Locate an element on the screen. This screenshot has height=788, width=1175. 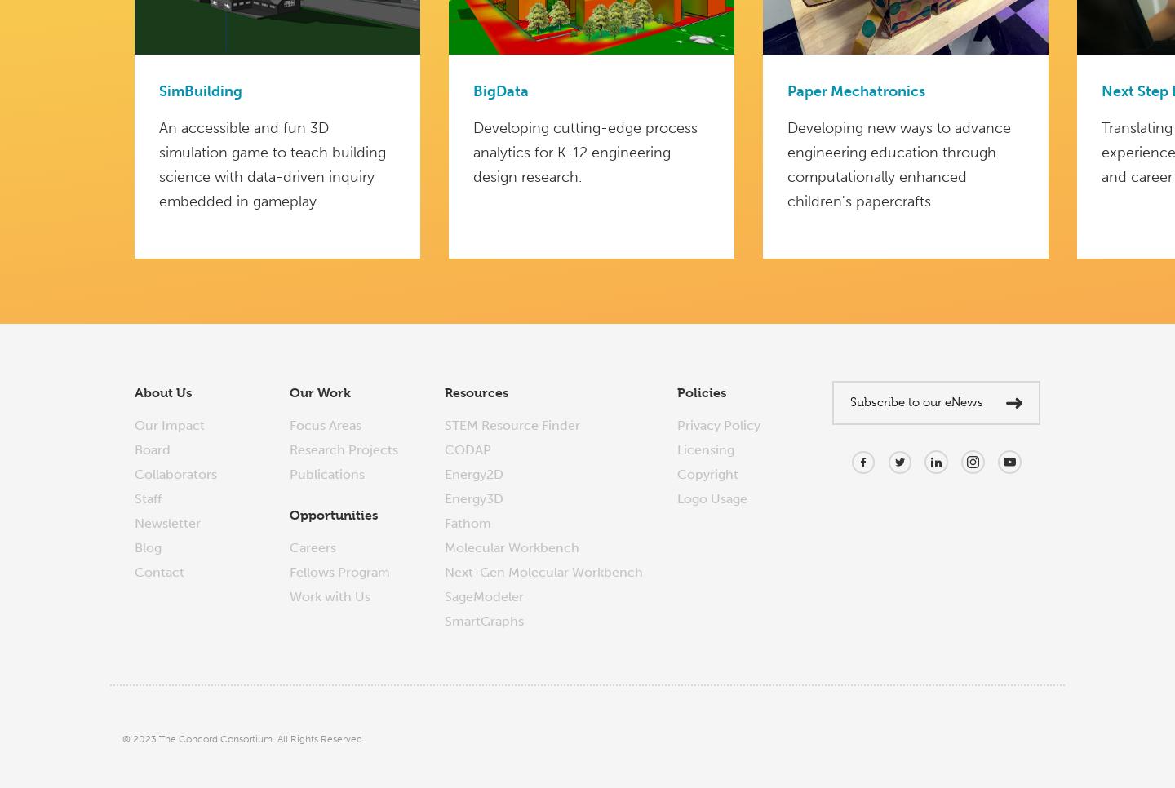
'Paper Mechatronics' is located at coordinates (786, 90).